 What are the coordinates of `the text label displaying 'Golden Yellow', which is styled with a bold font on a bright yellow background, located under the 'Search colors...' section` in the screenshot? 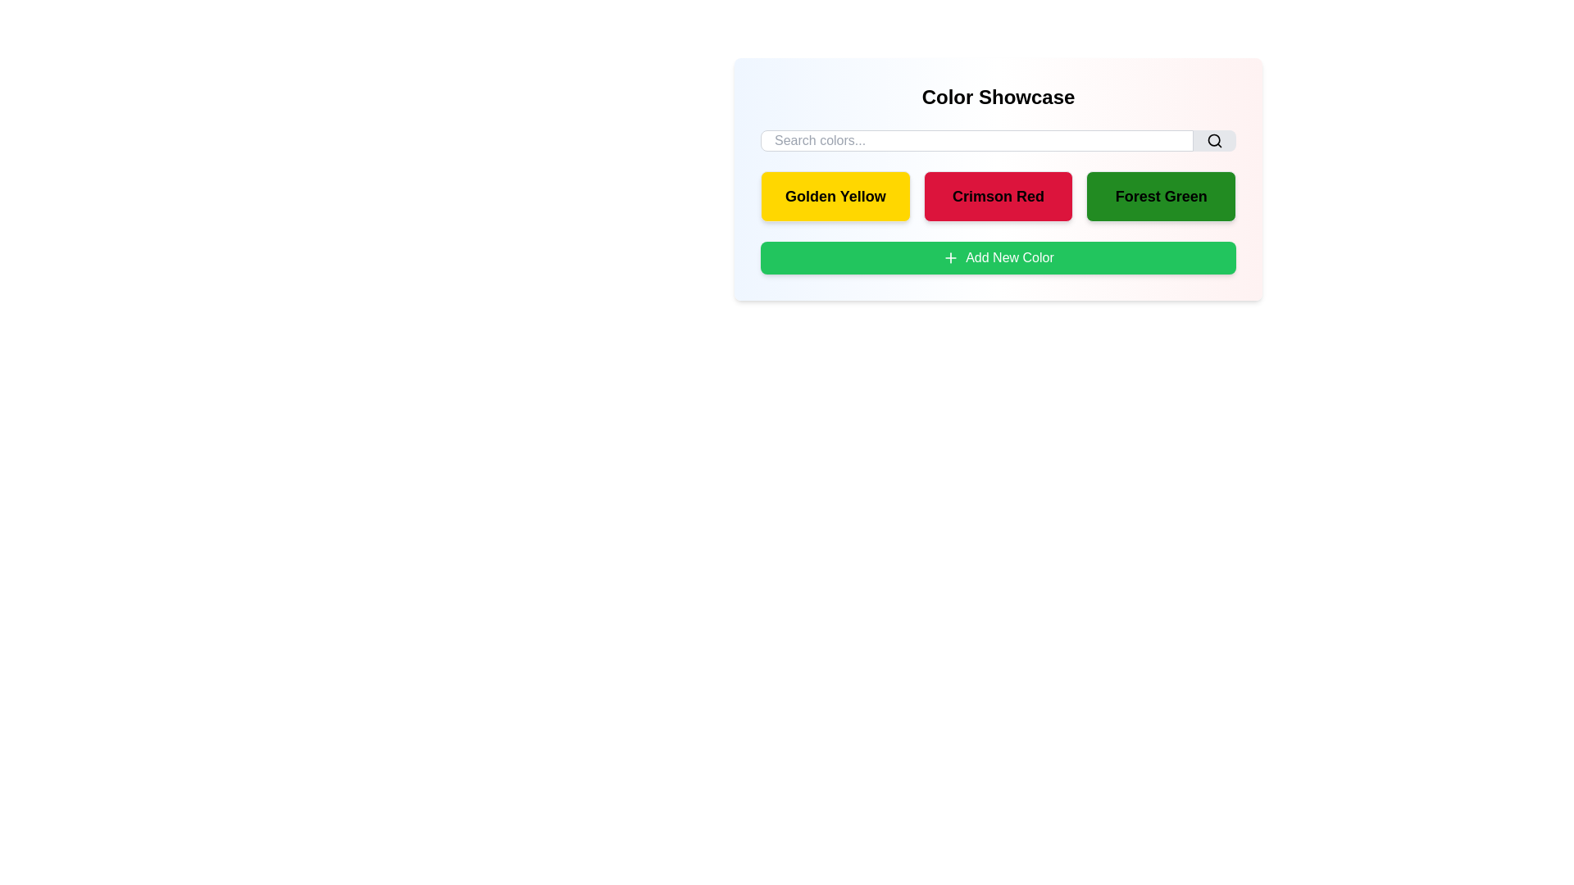 It's located at (835, 195).